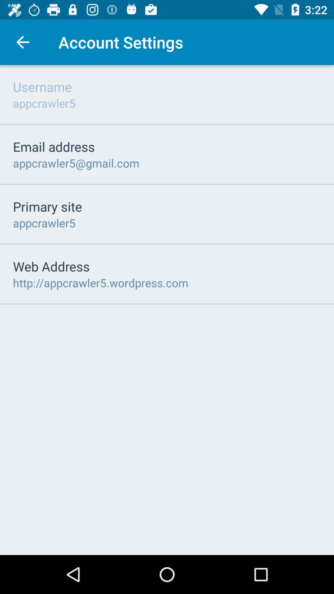 The image size is (334, 594). I want to click on the primary site, so click(47, 206).